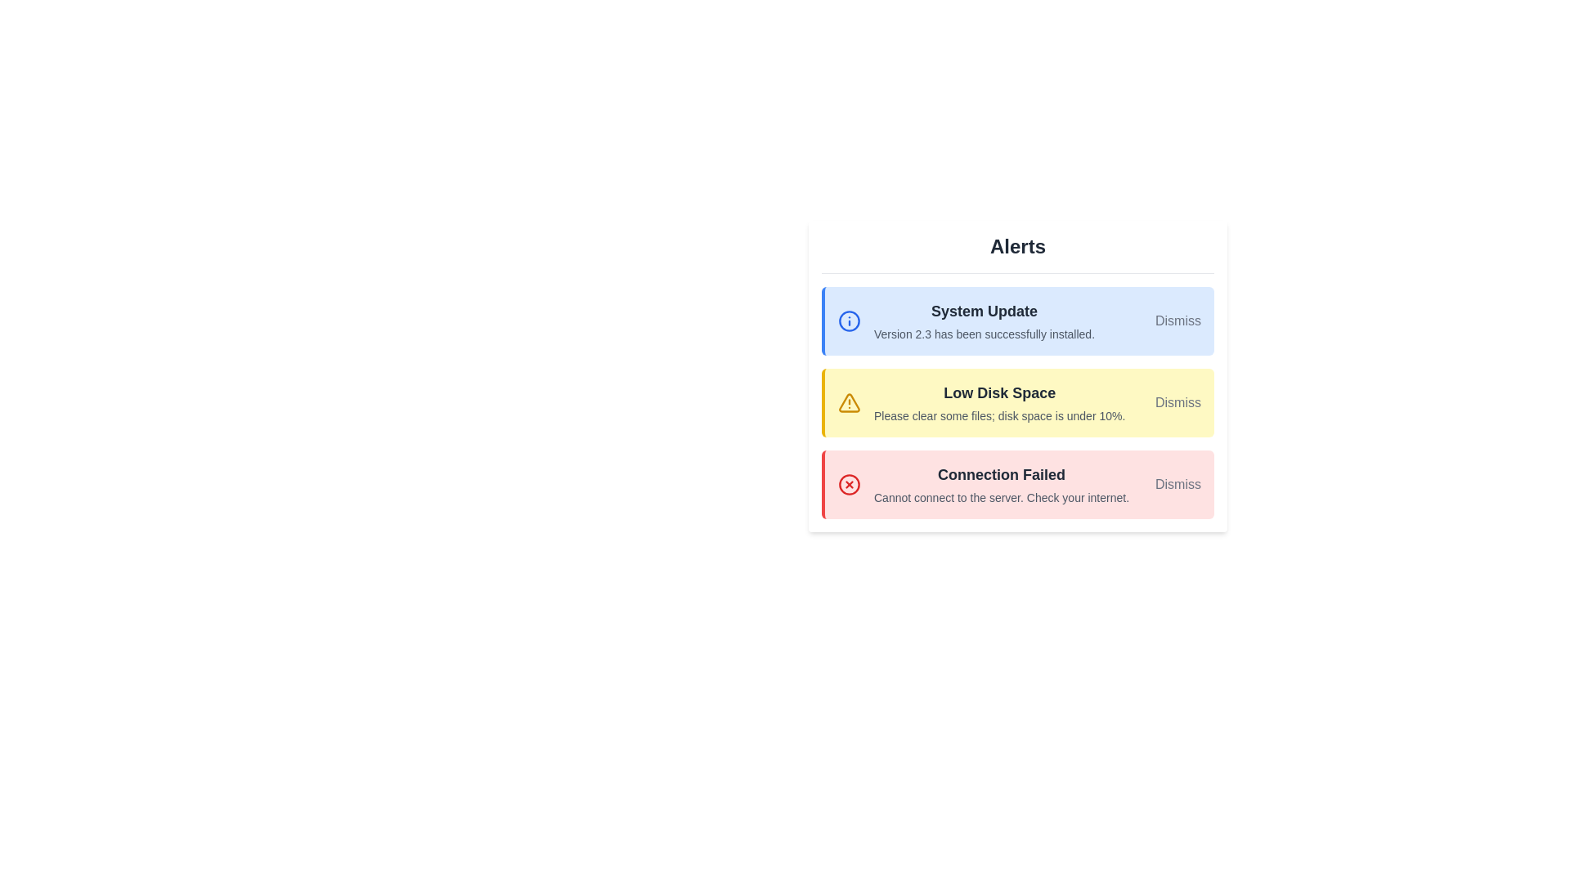 This screenshot has width=1570, height=883. What do you see at coordinates (1000, 475) in the screenshot?
I see `text content of the 'Connection Failed' label, which is a bold text on a light red background within the third alert section` at bounding box center [1000, 475].